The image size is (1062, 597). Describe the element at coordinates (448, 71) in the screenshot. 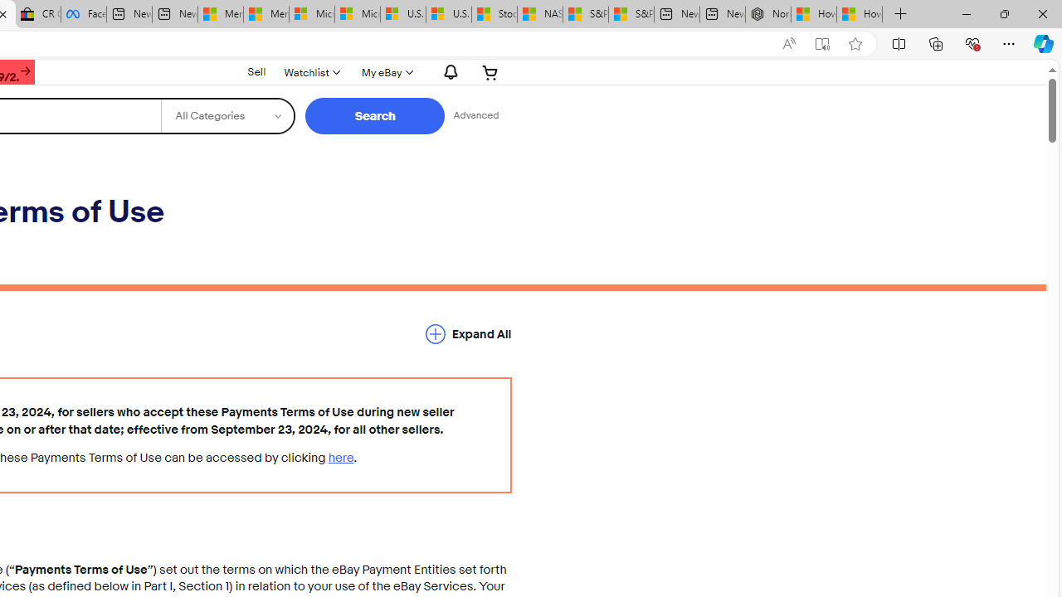

I see `'AutomationID: gh-eb-Alerts'` at that location.